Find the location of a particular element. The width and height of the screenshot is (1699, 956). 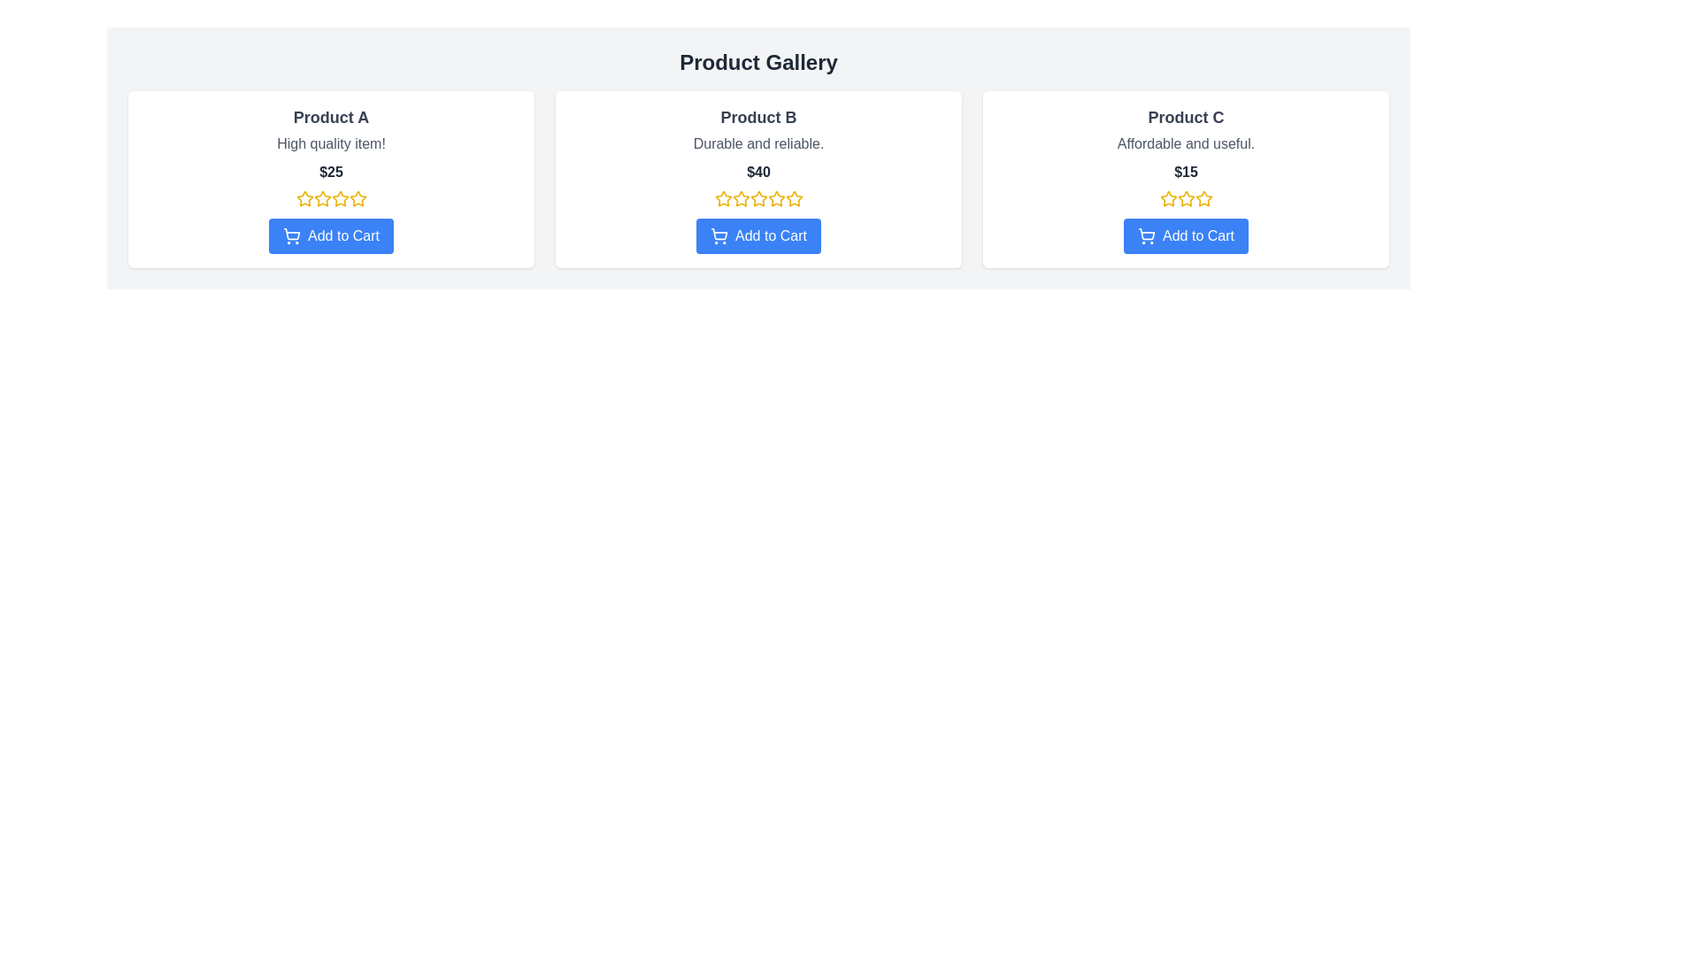

the text label displaying 'Product C', which is located at the top of the rightmost product card on the interface is located at coordinates (1186, 117).